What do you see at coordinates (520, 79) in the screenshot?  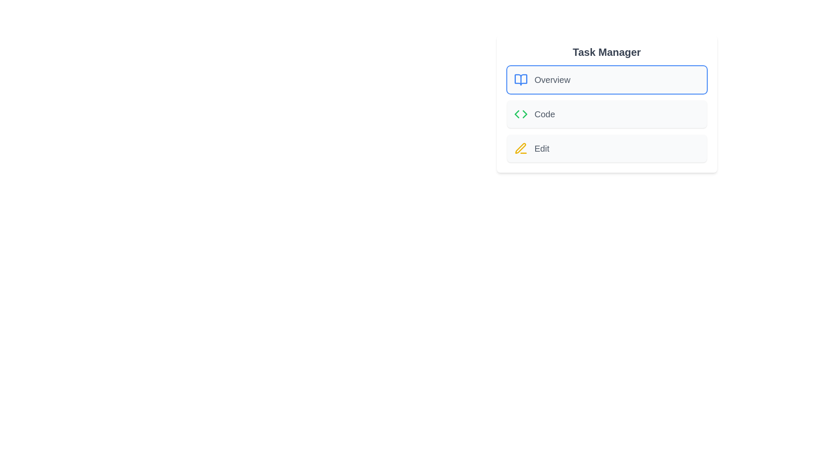 I see `the 'Overview' section icon, which is the first icon at the top of the menu, to provide visual clarity and accessibility` at bounding box center [520, 79].